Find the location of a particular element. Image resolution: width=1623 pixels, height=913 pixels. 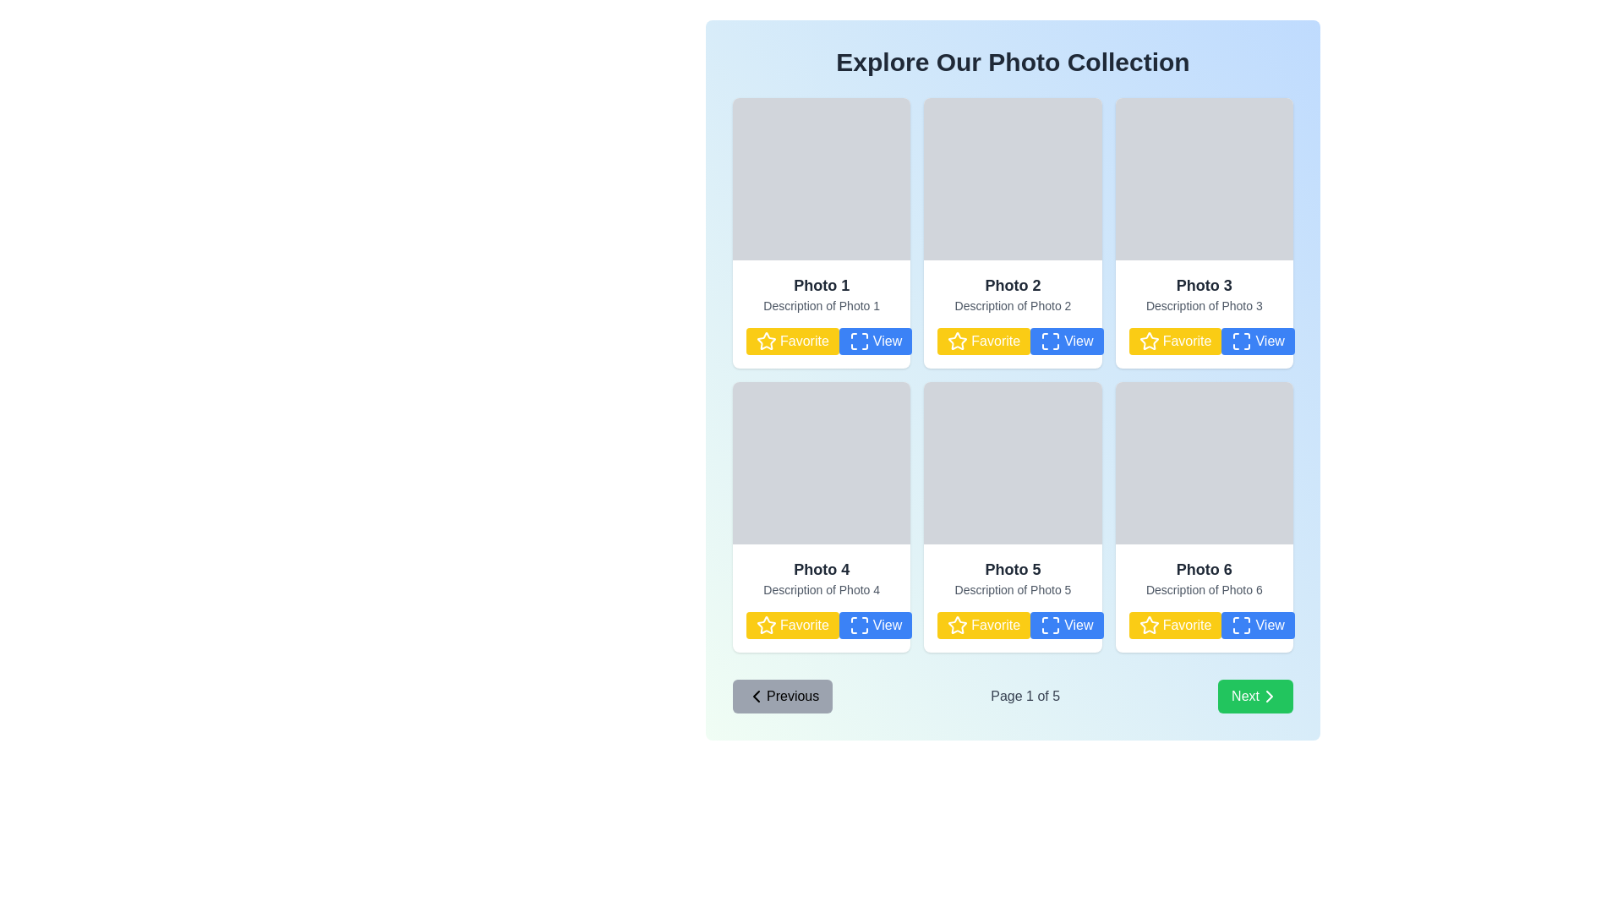

the title text label of the photo card located in the second row and second column of the grid layout, which serves as the identifier for the displayed content is located at coordinates (1013, 570).